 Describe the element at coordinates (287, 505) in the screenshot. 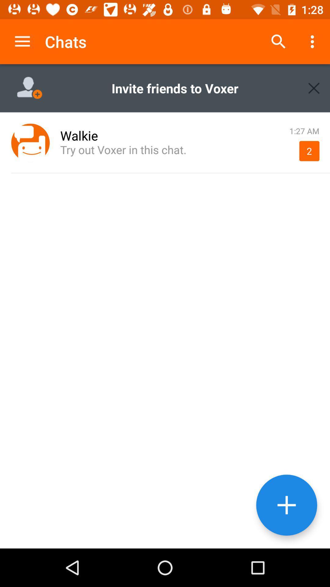

I see `new chat` at that location.